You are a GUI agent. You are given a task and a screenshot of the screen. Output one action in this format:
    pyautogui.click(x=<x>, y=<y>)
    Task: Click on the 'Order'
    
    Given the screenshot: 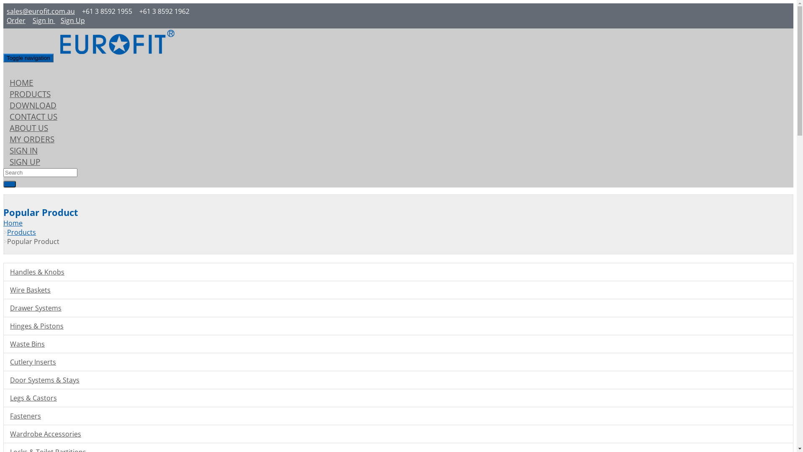 What is the action you would take?
    pyautogui.click(x=15, y=20)
    